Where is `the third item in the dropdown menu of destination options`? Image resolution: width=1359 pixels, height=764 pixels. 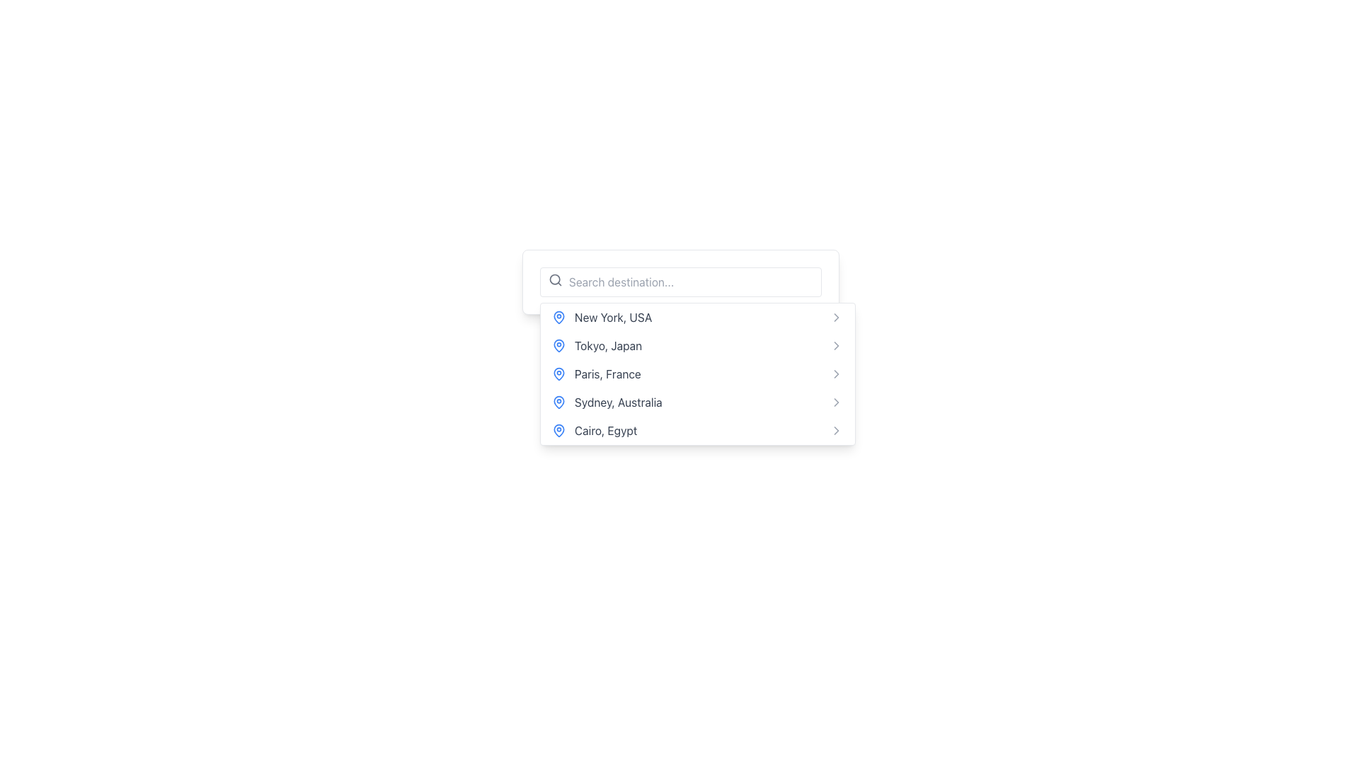 the third item in the dropdown menu of destination options is located at coordinates (596, 373).